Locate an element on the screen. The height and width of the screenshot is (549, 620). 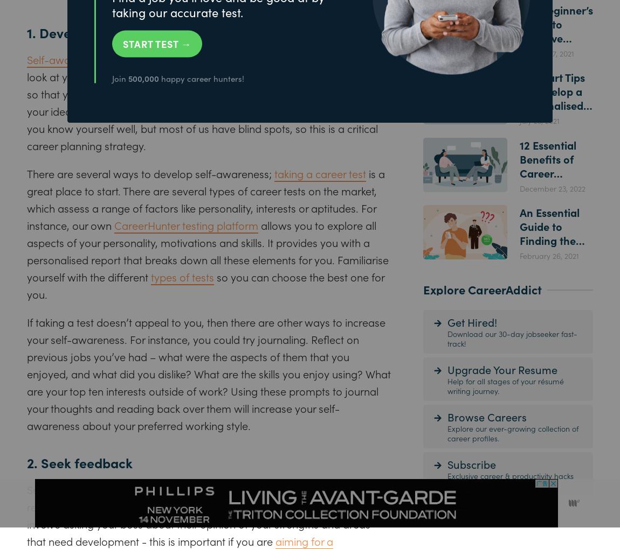
'CareerHunter testing platform' is located at coordinates (186, 224).